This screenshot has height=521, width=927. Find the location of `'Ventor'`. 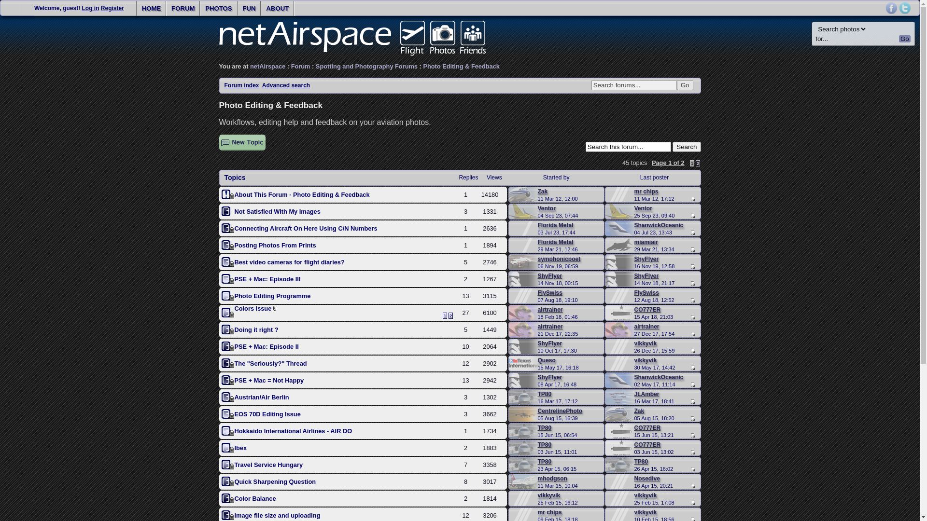

'Ventor' is located at coordinates (547, 208).